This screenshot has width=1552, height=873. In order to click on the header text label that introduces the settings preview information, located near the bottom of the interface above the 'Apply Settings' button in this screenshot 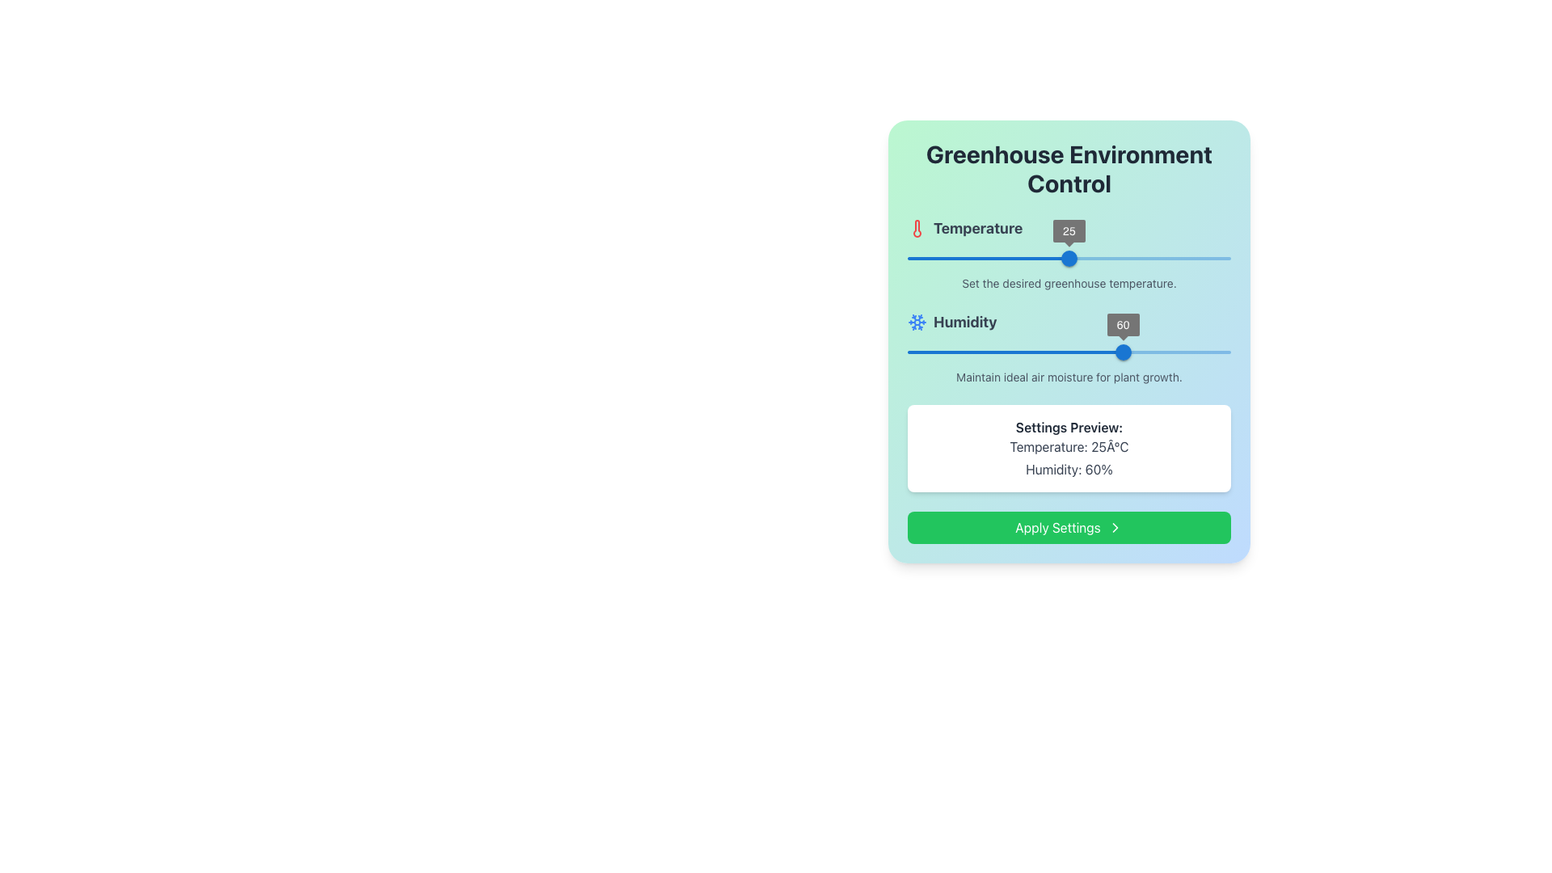, I will do `click(1069, 426)`.